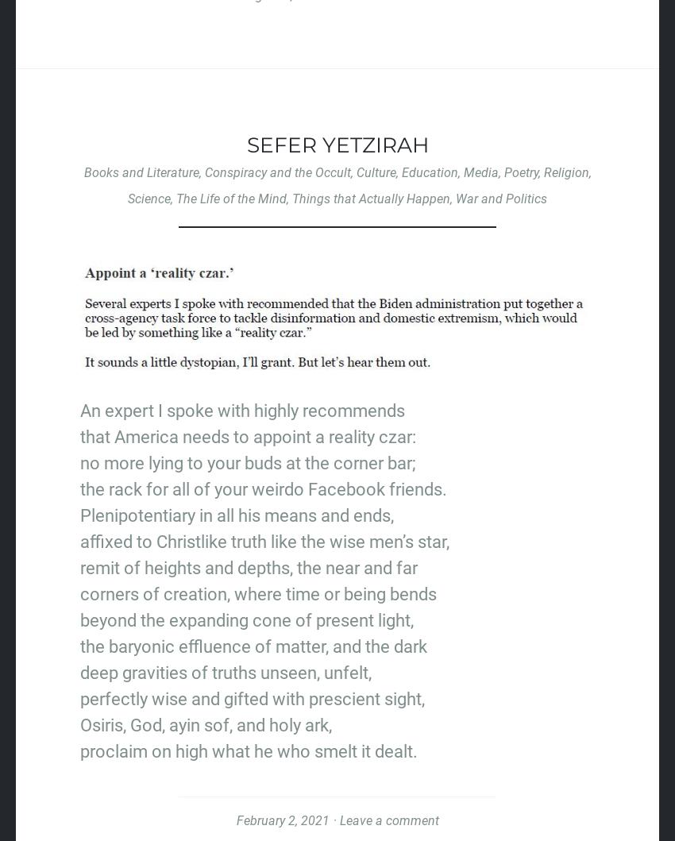  What do you see at coordinates (237, 515) in the screenshot?
I see `'Plenipotentiary in all his means and ends,'` at bounding box center [237, 515].